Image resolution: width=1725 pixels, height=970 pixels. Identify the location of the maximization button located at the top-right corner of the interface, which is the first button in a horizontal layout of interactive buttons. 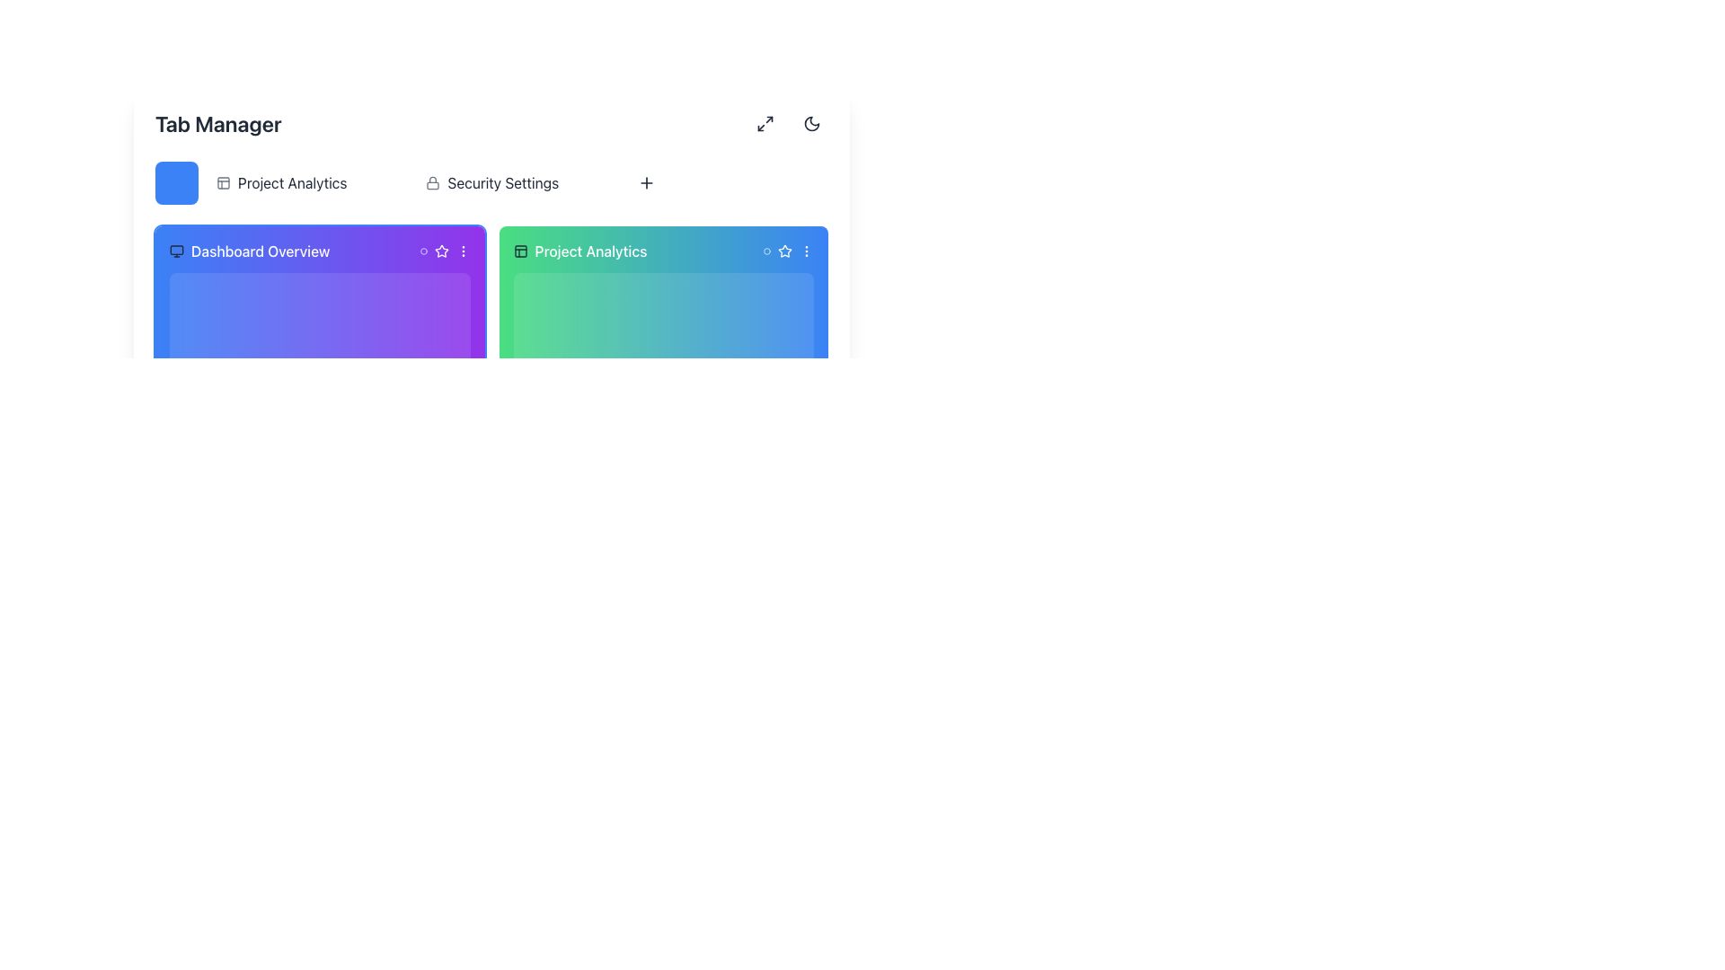
(765, 123).